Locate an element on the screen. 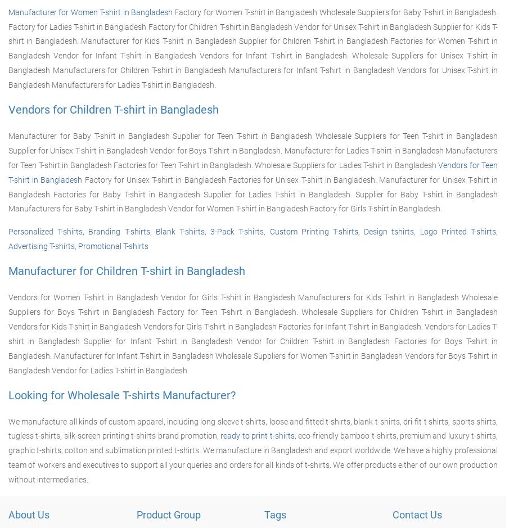  'Factory for Unisex T-shirt in Bangladesh Factories for Unisex T-shirt in Bangladesh. Manufacturer for Unisex T-shirt in Bangladesh Factories for Baby T-shirt in Bangladesh Supplier for Ladies T-shirt in Bangladesh. Supplier for Baby T-shirt in Bangladesh Manufacturers for Baby T-shirt in Bangladesh Vendor for Women T-shirt in Bangladesh Factory for Girls T-shirt in Bangladesh.' is located at coordinates (252, 193).